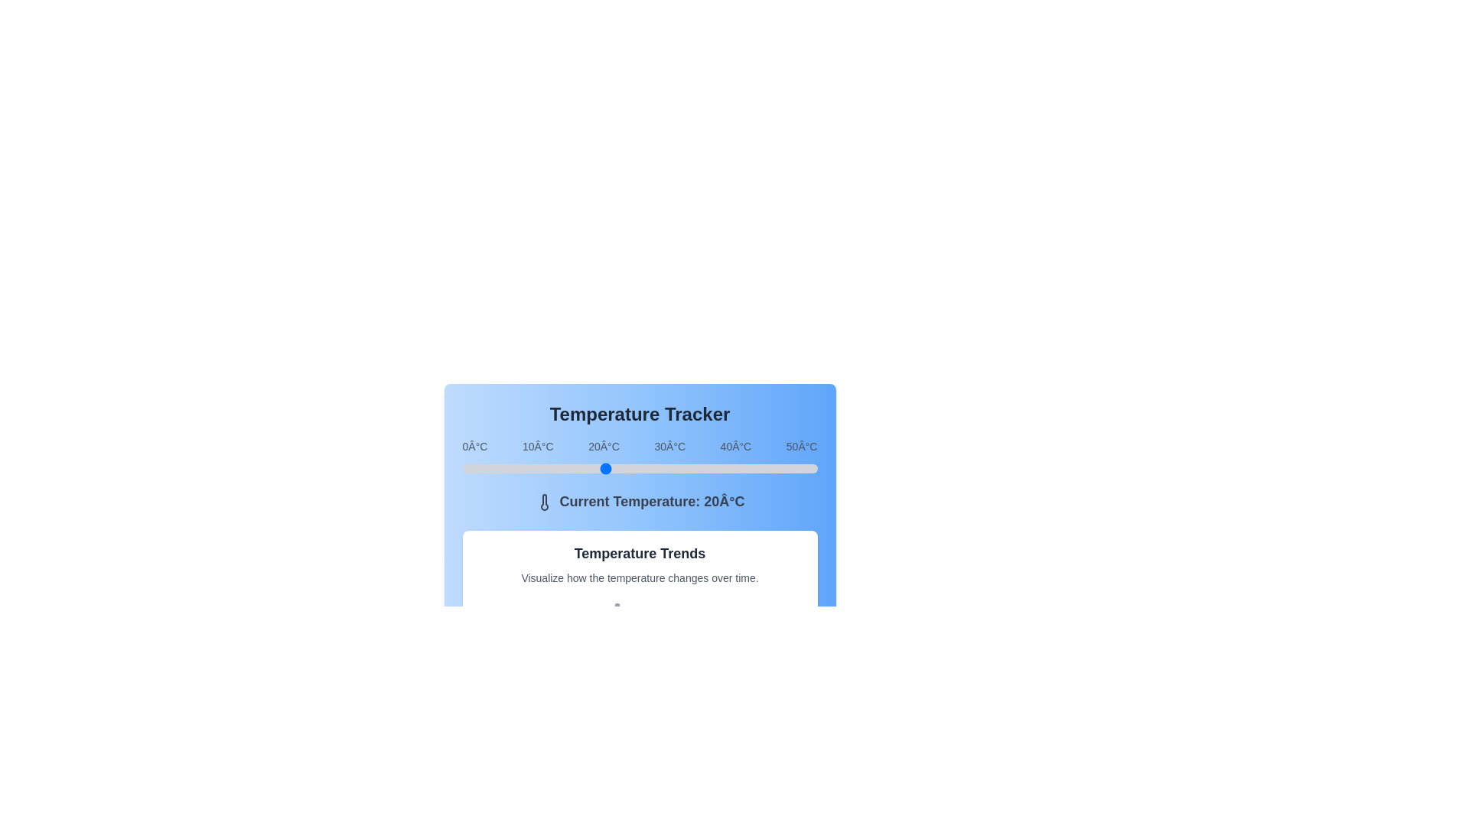  I want to click on the temperature label 20°C to focus on it, so click(603, 446).